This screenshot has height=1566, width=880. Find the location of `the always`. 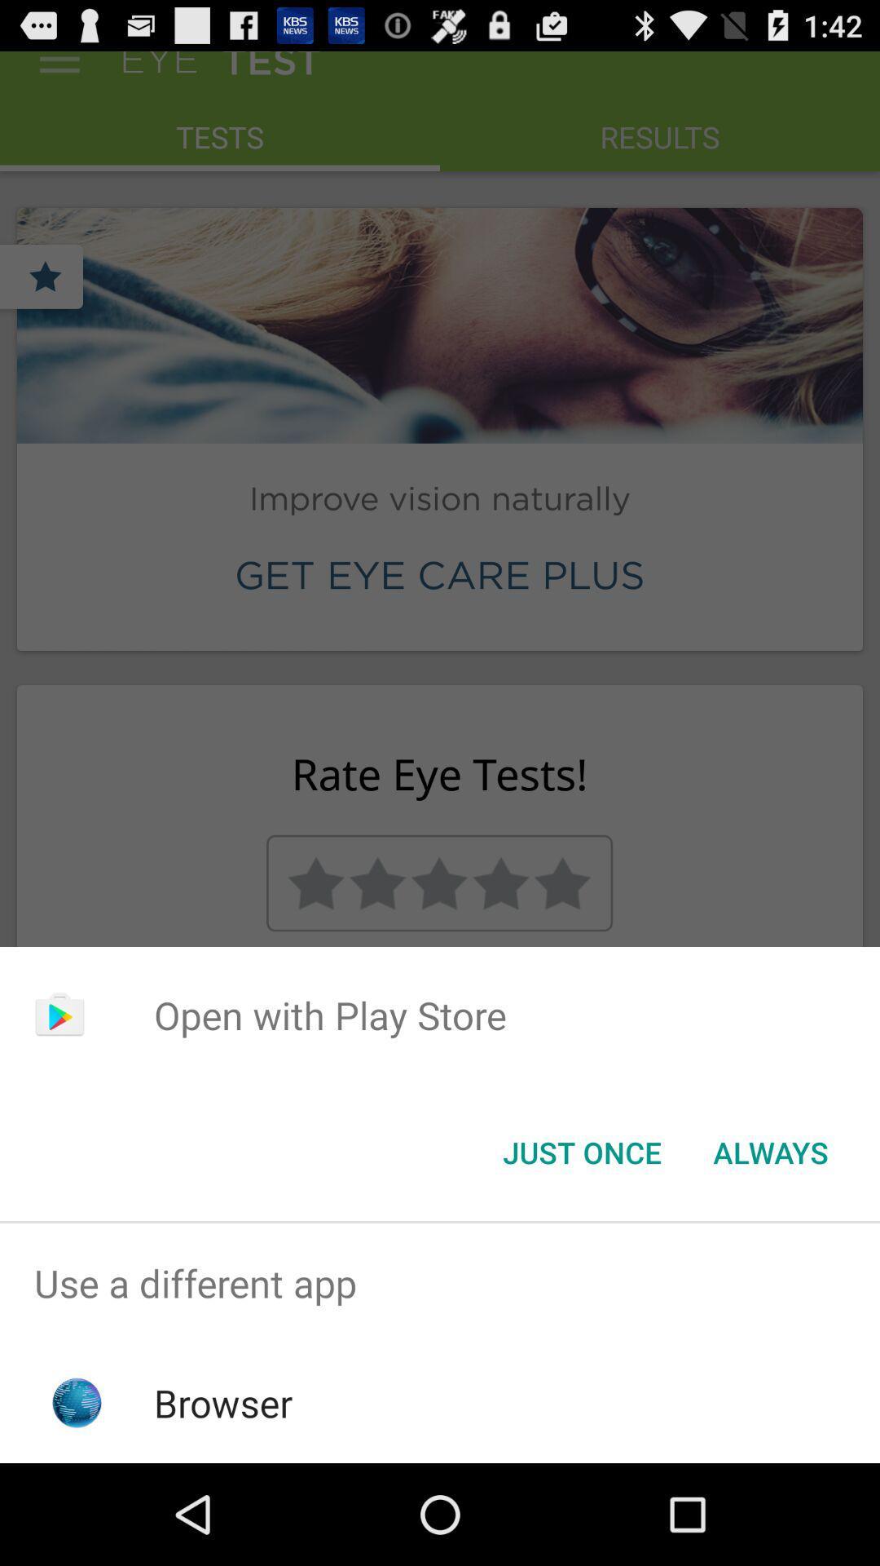

the always is located at coordinates (770, 1151).